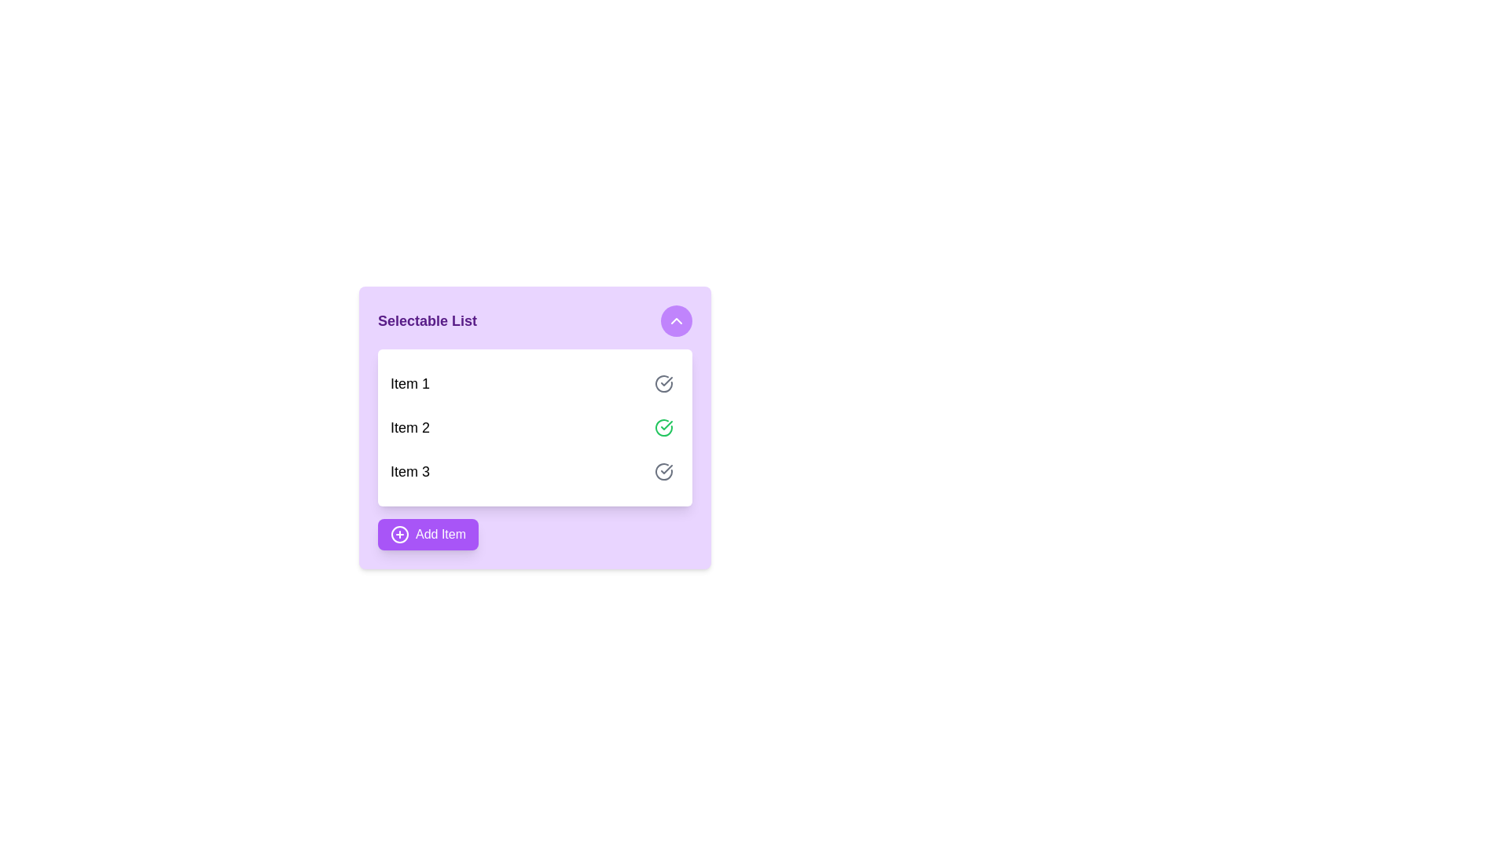 The height and width of the screenshot is (848, 1509). I want to click on the circular icon button with a gray outline and a checkmark inside, located to the far right of the row labeled 'Item 3' in the interactive list interface, so click(663, 471).